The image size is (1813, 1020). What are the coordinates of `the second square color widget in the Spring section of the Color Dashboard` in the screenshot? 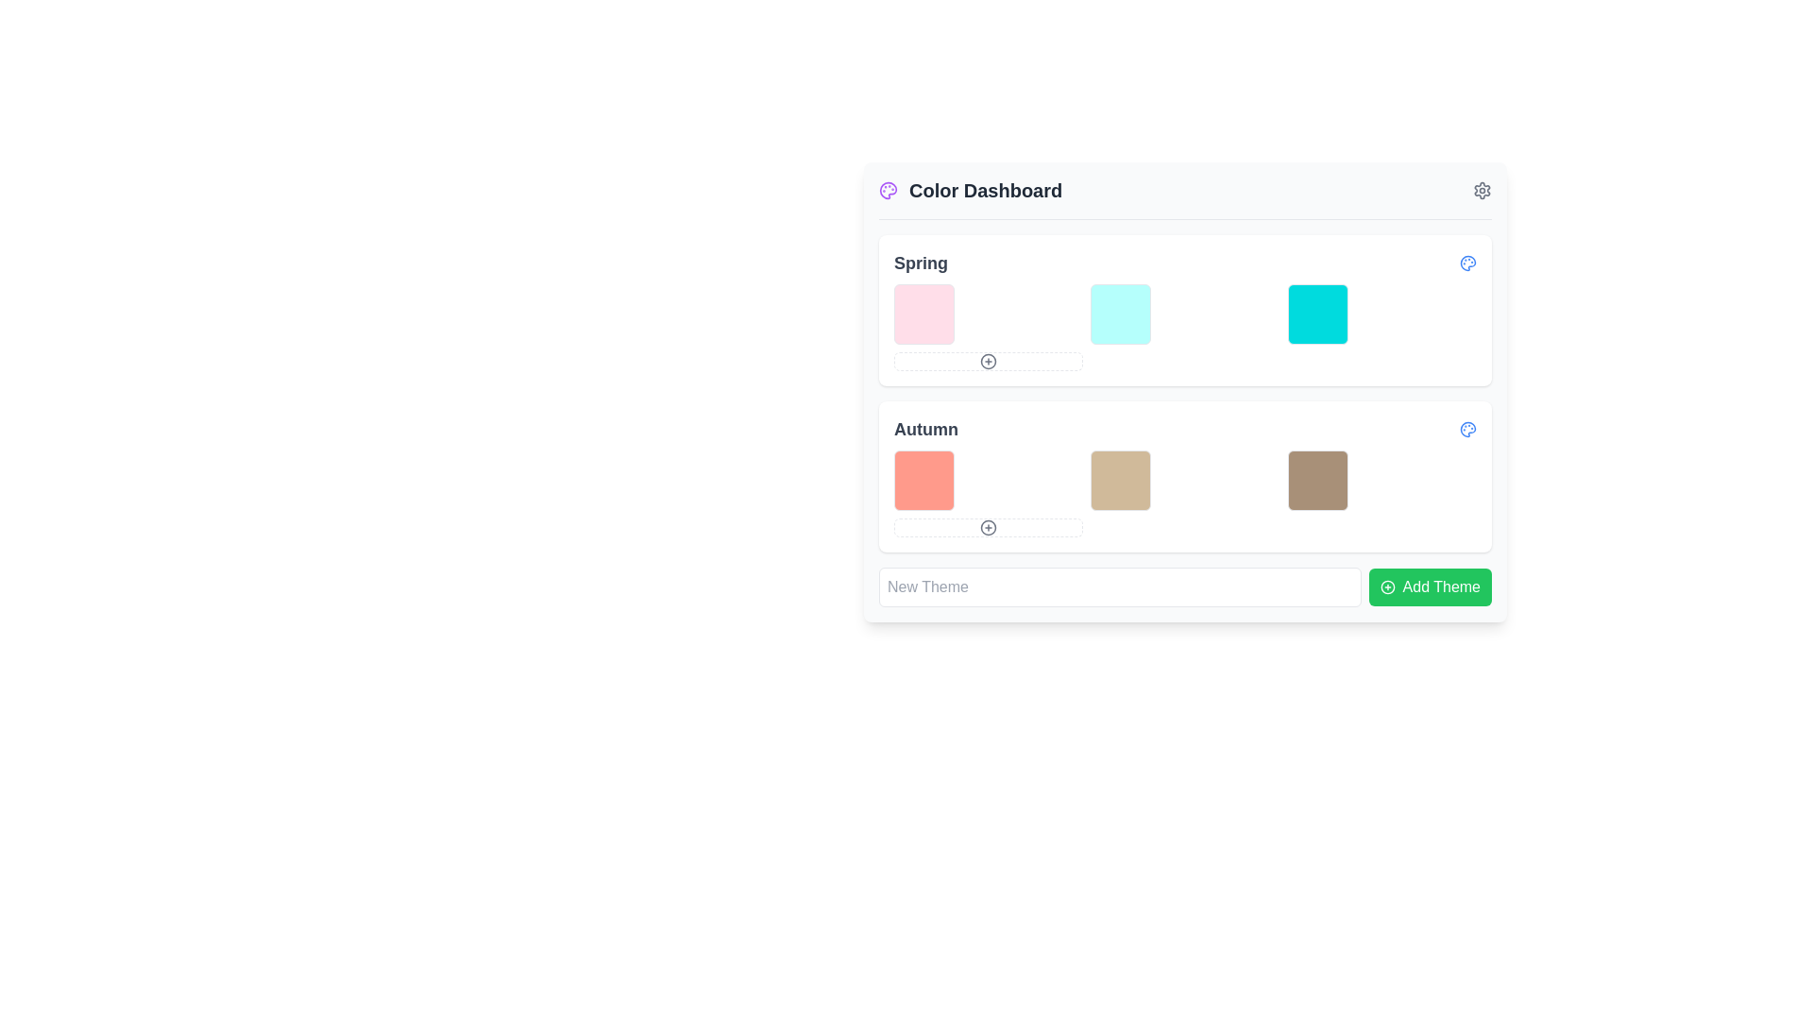 It's located at (1121, 313).